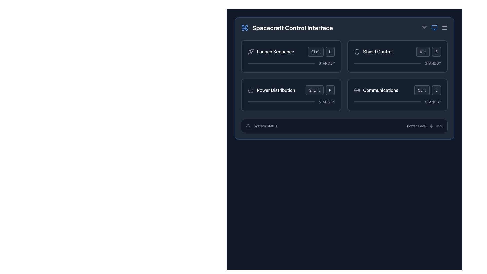 This screenshot has height=274, width=487. Describe the element at coordinates (434, 28) in the screenshot. I see `the display monitor icon located in the top-right corner of the interface, positioned between the Wi-Fi icon and the menu icon` at that location.